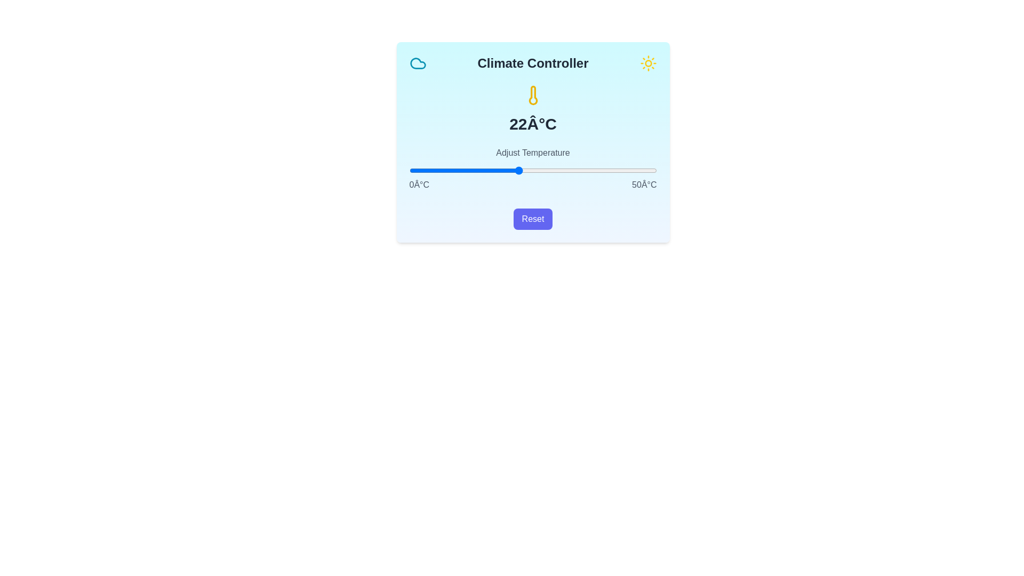 This screenshot has width=1024, height=576. What do you see at coordinates (587, 170) in the screenshot?
I see `the temperature to 36°C using the slider` at bounding box center [587, 170].